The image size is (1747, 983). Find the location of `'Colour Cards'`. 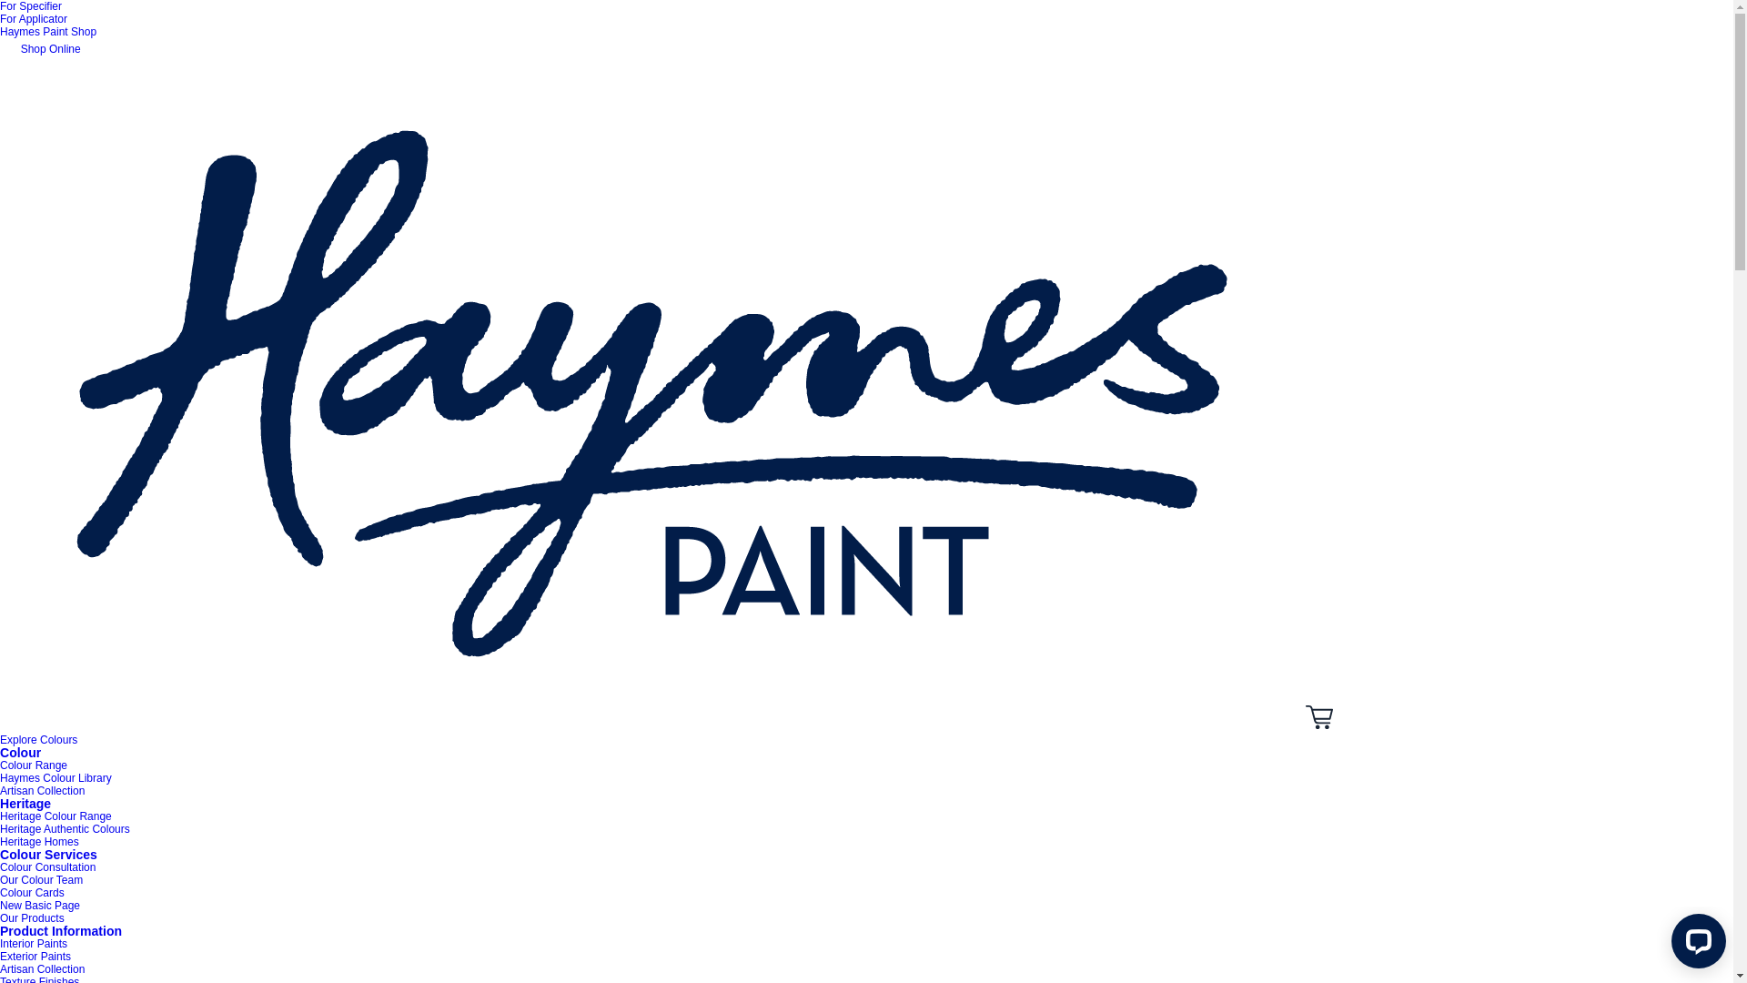

'Colour Cards' is located at coordinates (32, 891).